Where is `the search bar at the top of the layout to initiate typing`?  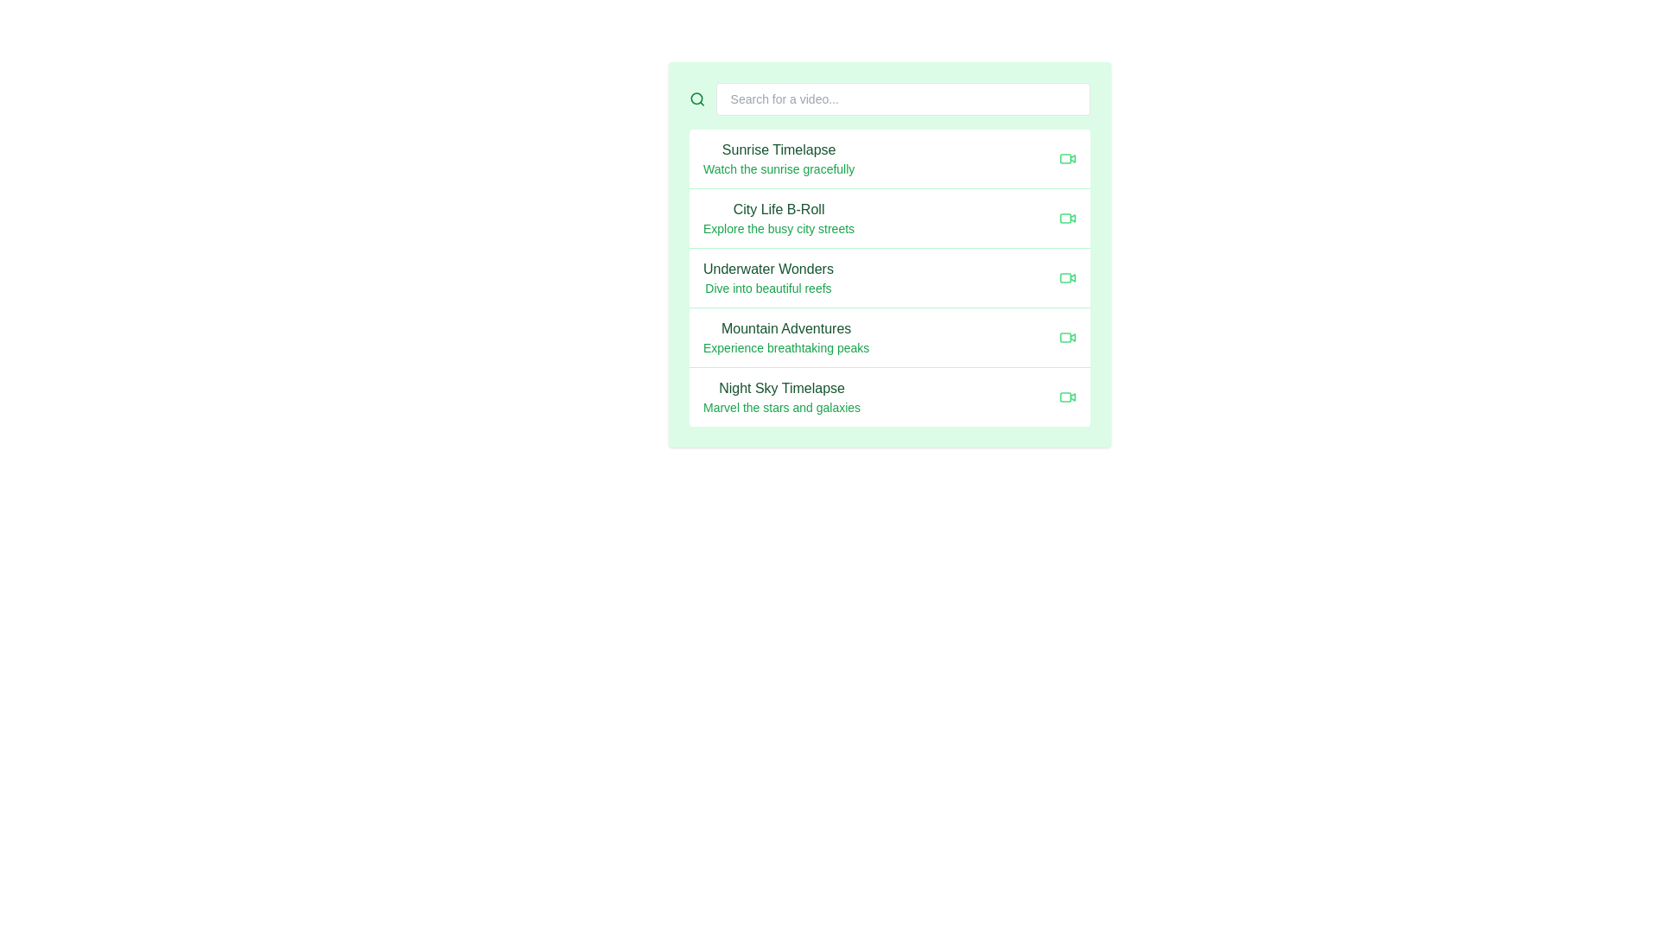
the search bar at the top of the layout to initiate typing is located at coordinates (890, 99).